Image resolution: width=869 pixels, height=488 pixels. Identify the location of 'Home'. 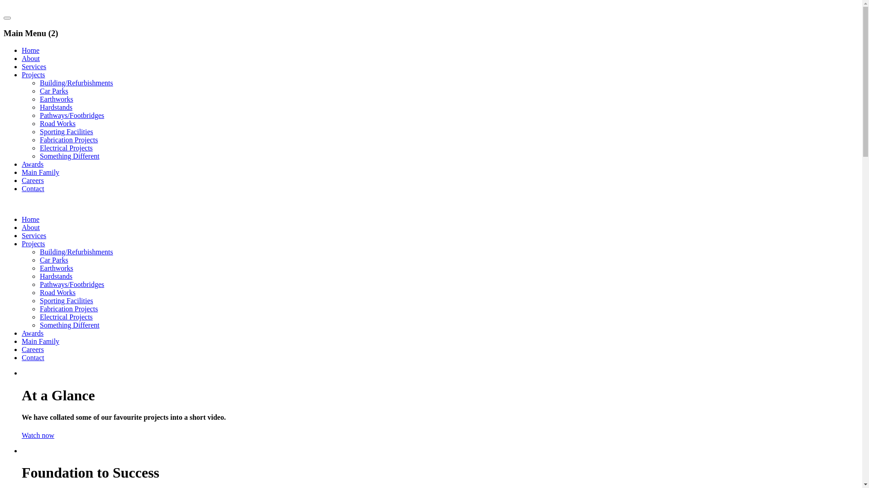
(30, 50).